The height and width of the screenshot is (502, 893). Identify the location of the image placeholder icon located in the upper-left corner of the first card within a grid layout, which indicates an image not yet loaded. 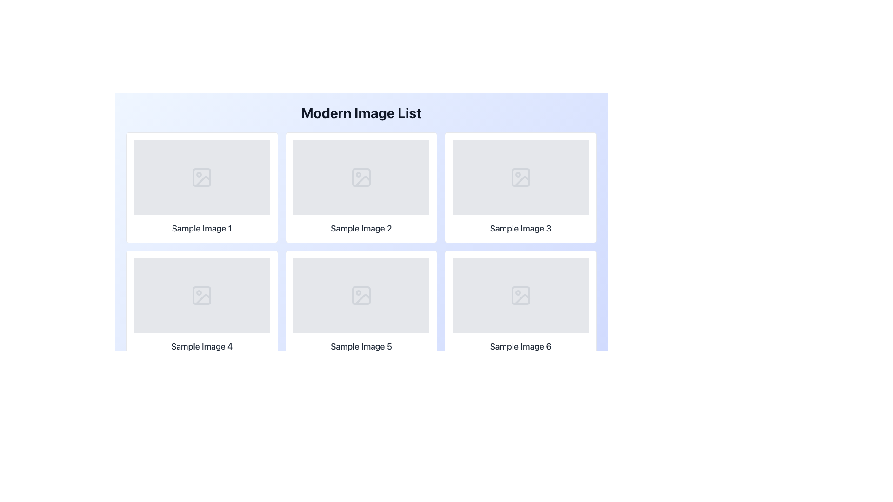
(201, 177).